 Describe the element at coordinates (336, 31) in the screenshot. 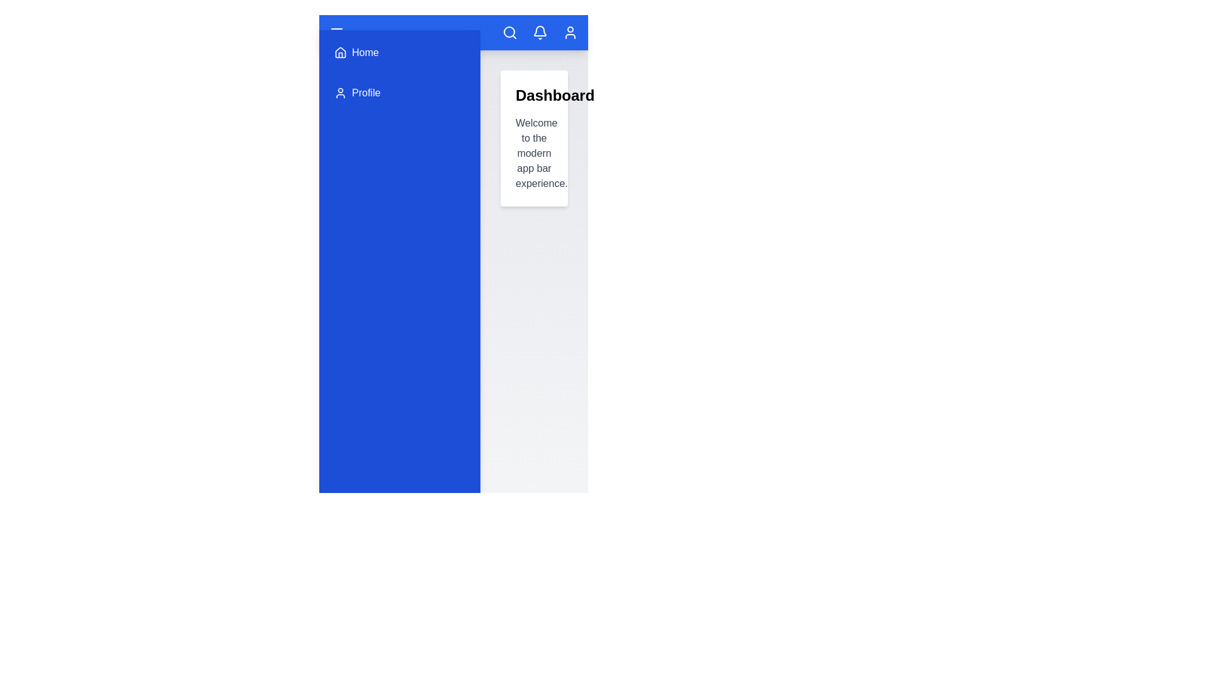

I see `the menu toggle button to toggle the side navigation menu` at that location.